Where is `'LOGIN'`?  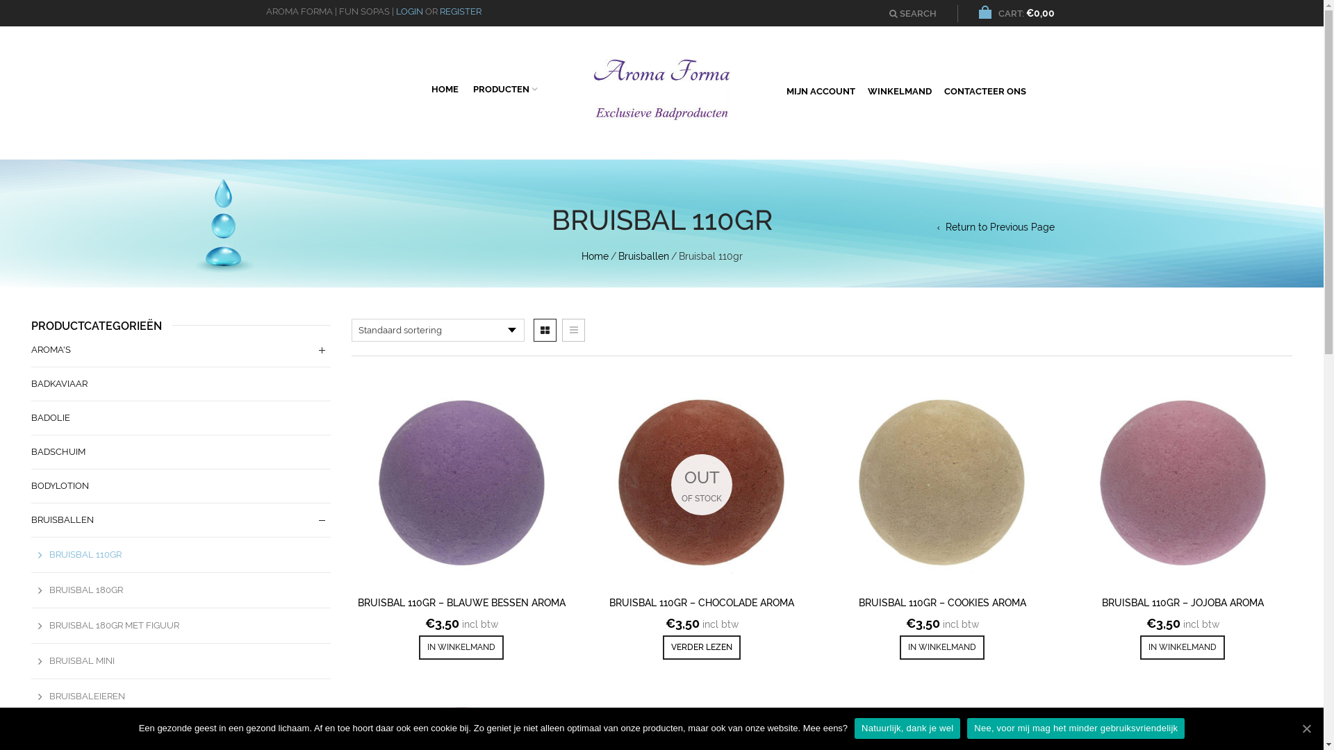
'LOGIN' is located at coordinates (395, 11).